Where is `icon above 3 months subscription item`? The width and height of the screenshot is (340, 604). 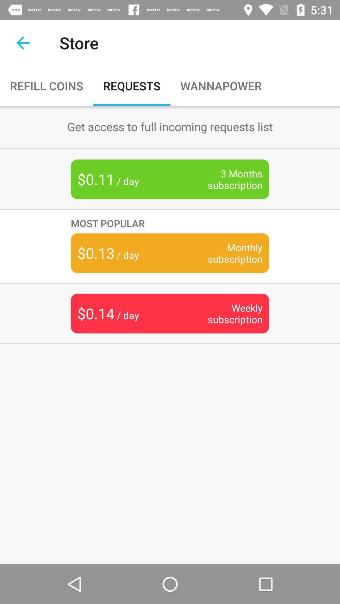
icon above 3 months subscription item is located at coordinates (170, 126).